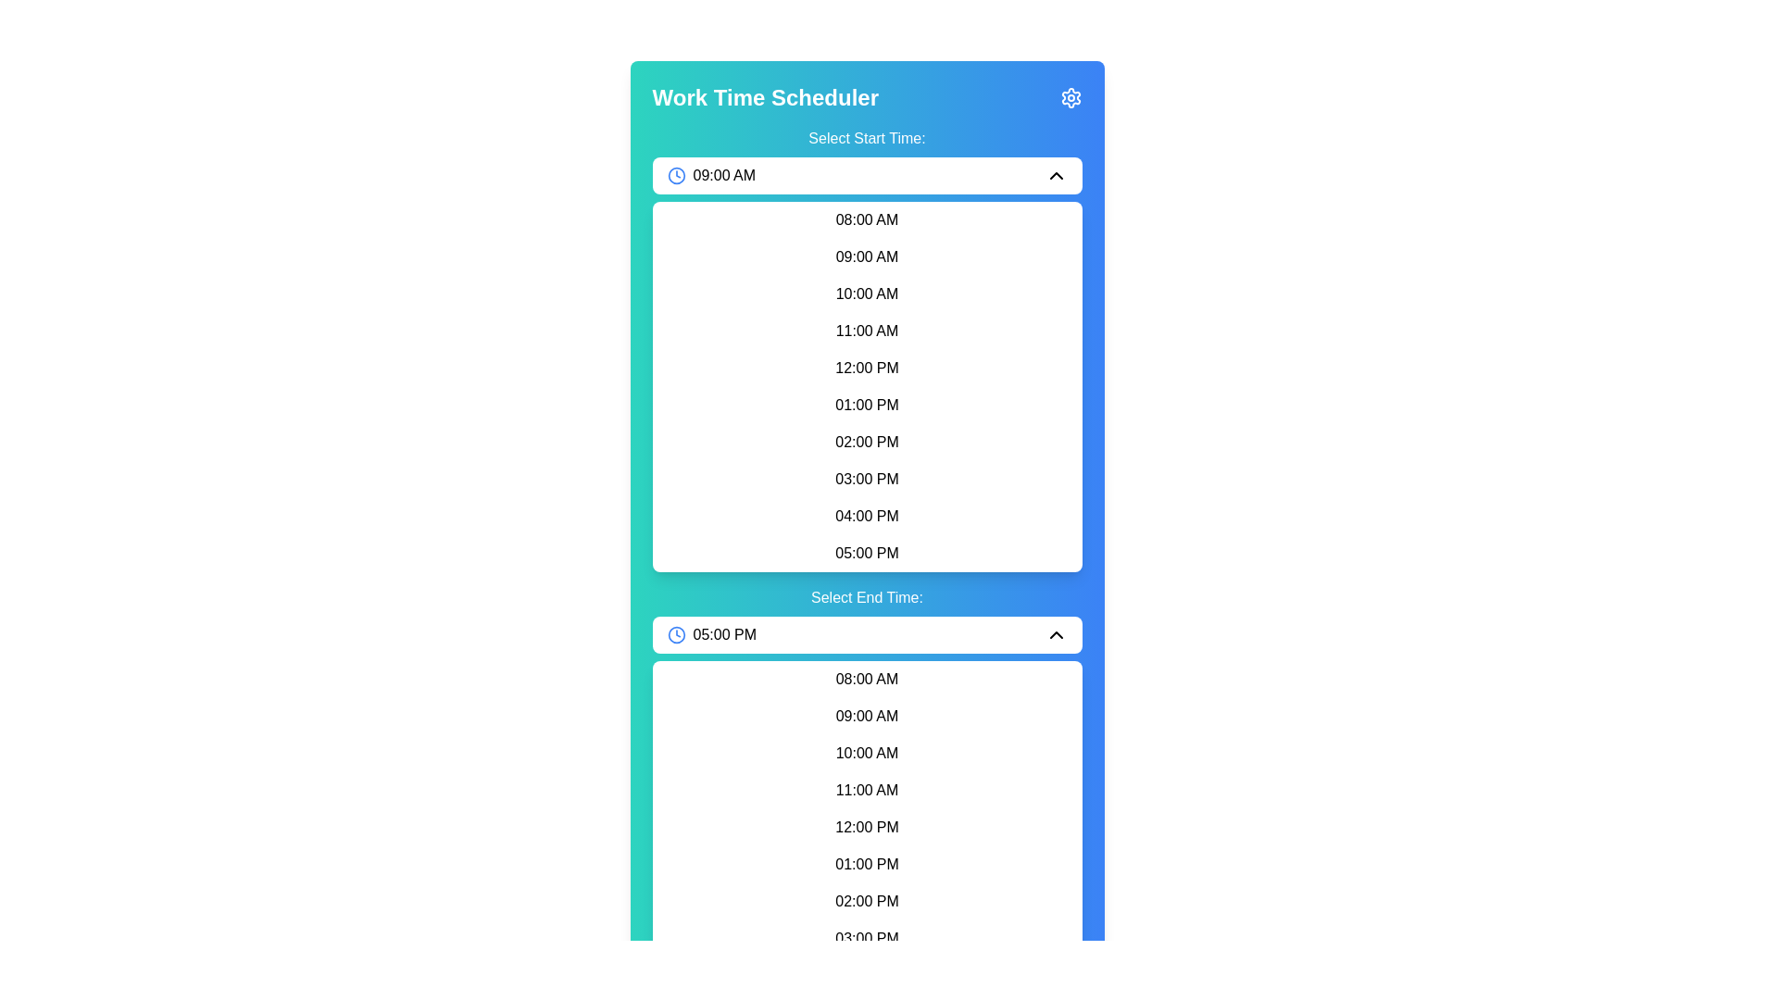  Describe the element at coordinates (866, 331) in the screenshot. I see `the fourth time slot item in the scheduling interface, located between '10:00 AM' and '12:00 PM'` at that location.